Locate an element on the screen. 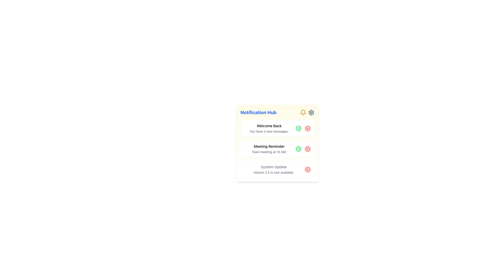 This screenshot has height=277, width=492. the notification entry titled 'Meeting Reminder' is located at coordinates (277, 143).